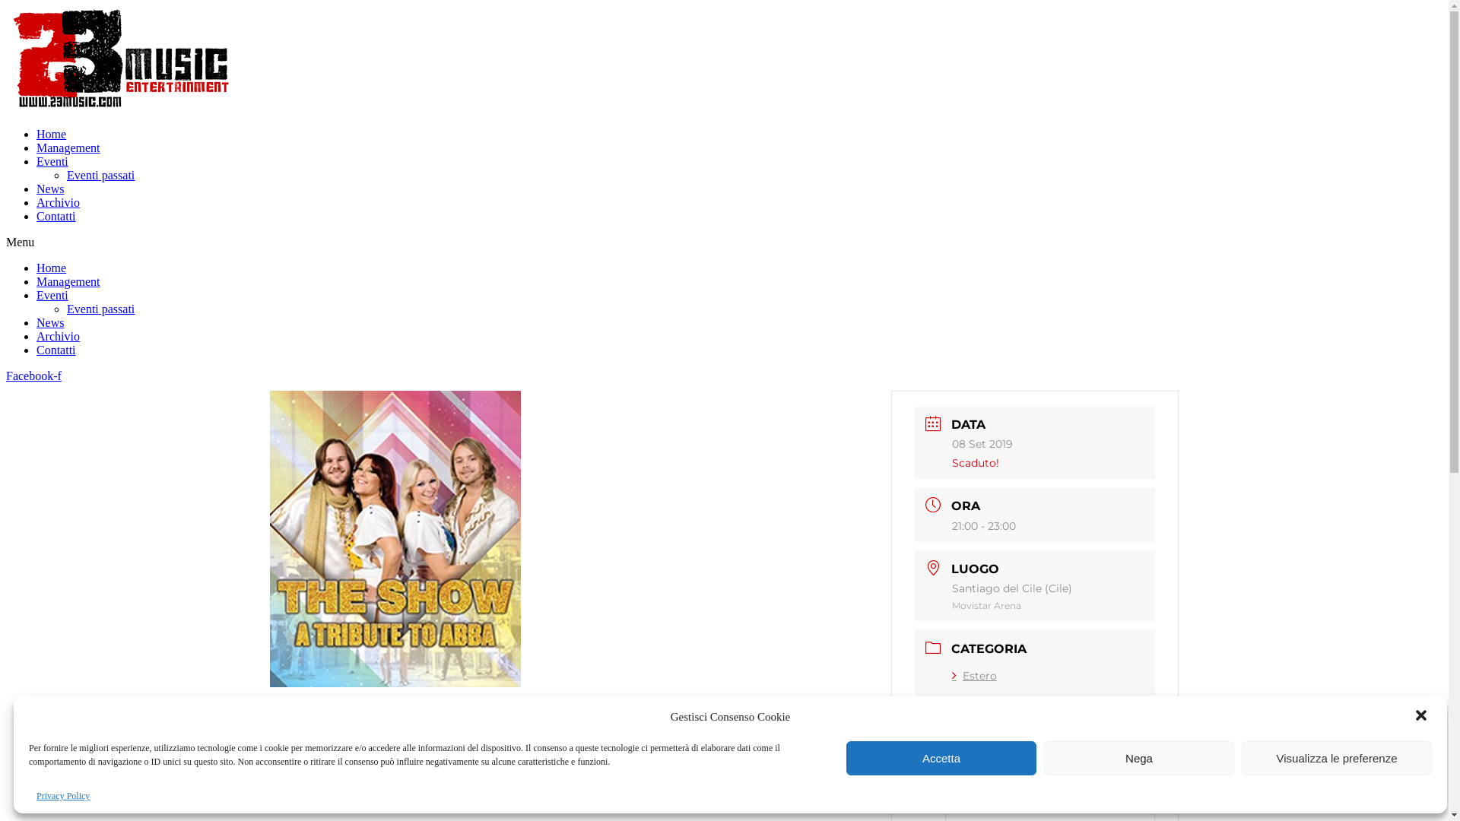 This screenshot has width=1460, height=821. Describe the element at coordinates (50, 188) in the screenshot. I see `'News'` at that location.